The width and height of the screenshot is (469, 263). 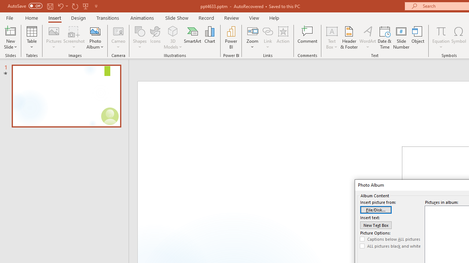 What do you see at coordinates (173, 38) in the screenshot?
I see `'3D Models'` at bounding box center [173, 38].